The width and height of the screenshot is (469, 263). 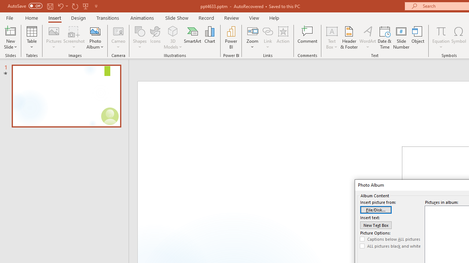 What do you see at coordinates (173, 38) in the screenshot?
I see `'3D Models'` at bounding box center [173, 38].